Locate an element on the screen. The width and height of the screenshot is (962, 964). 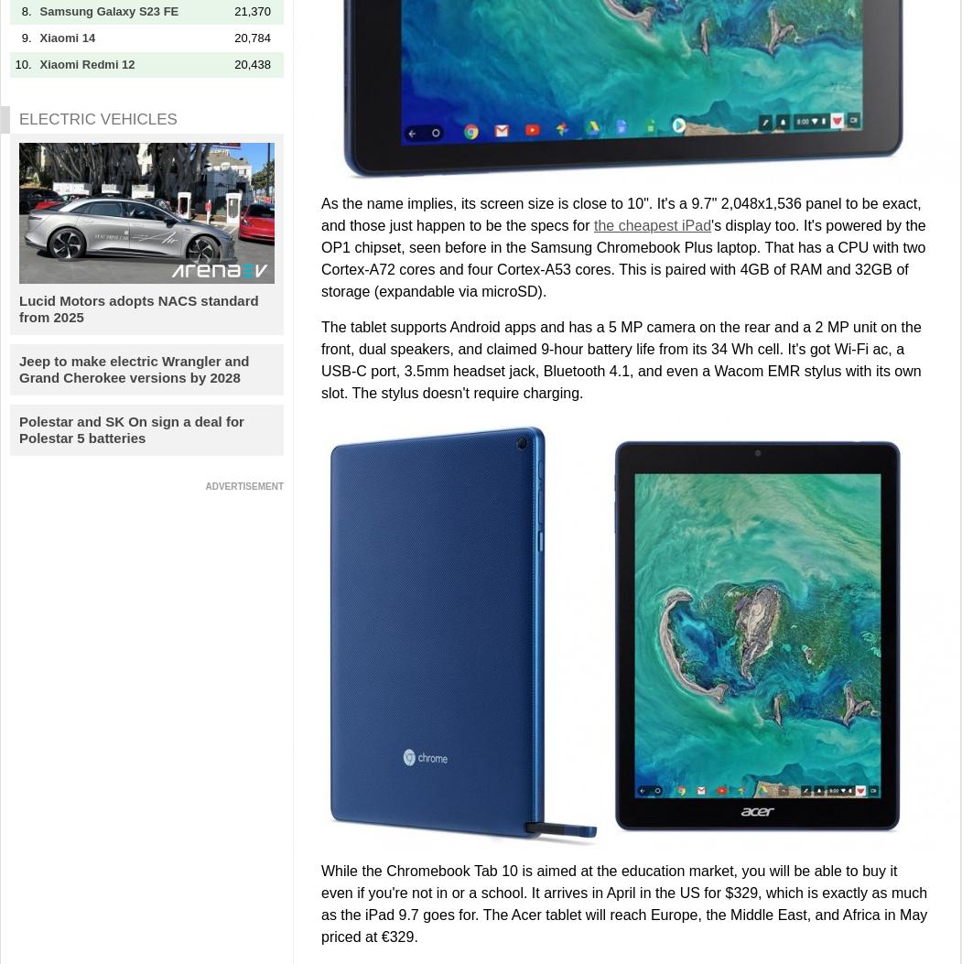
'ADVERTISEMENT' is located at coordinates (243, 484).